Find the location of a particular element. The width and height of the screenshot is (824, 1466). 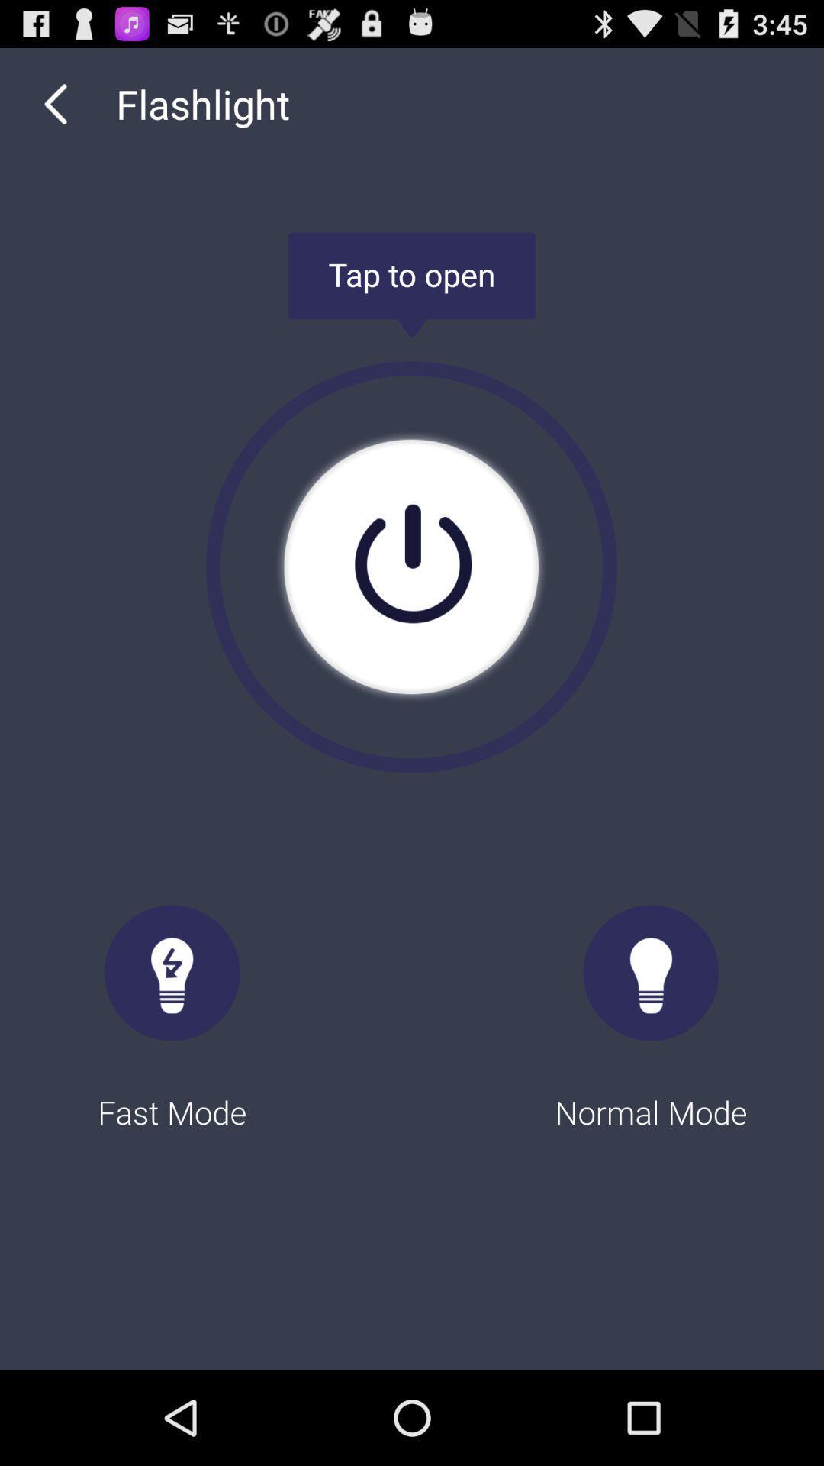

app below tap to open is located at coordinates (410, 566).